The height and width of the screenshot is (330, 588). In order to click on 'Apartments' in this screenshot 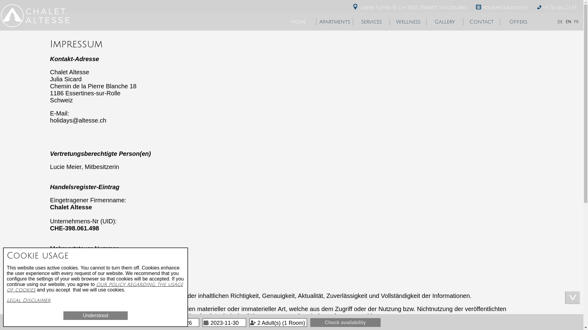, I will do `click(334, 21)`.